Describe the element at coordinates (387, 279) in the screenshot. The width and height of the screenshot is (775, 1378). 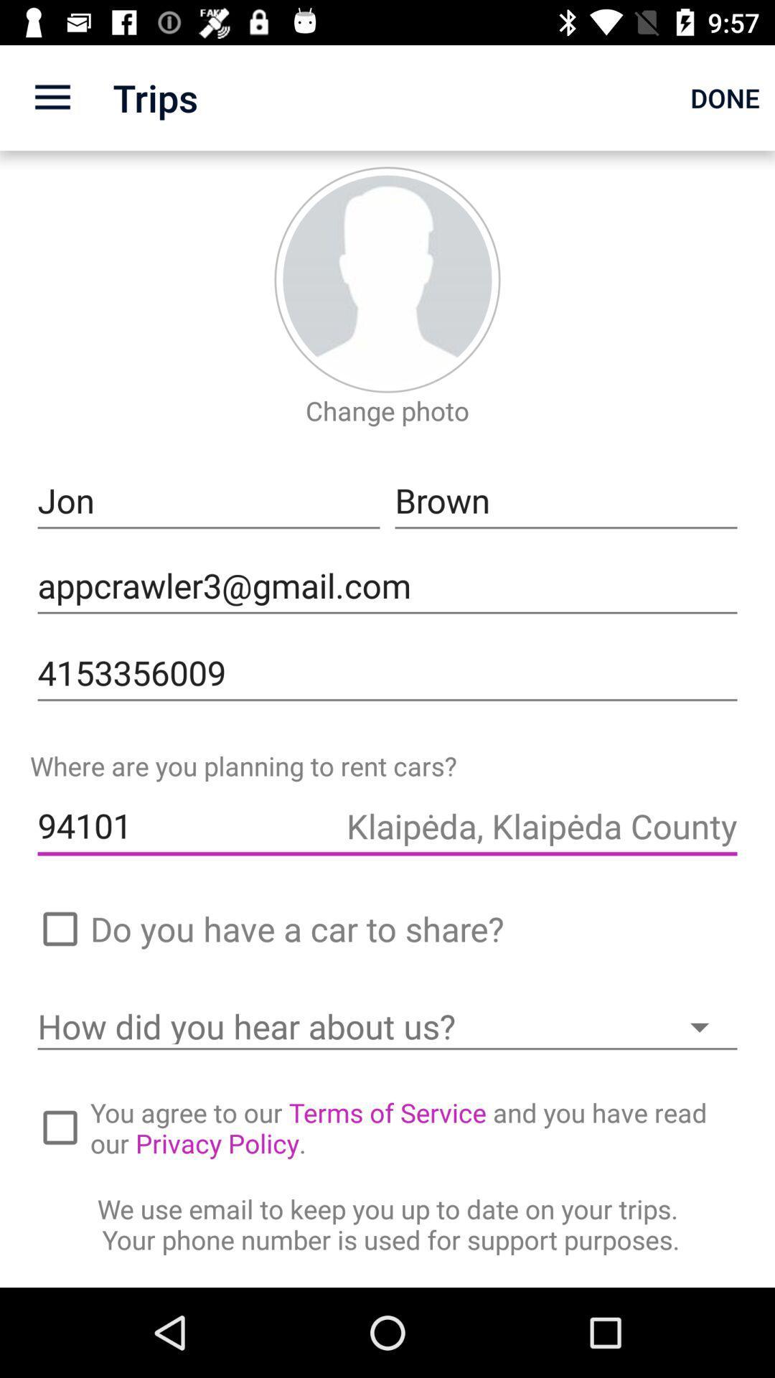
I see `icon above change photo item` at that location.